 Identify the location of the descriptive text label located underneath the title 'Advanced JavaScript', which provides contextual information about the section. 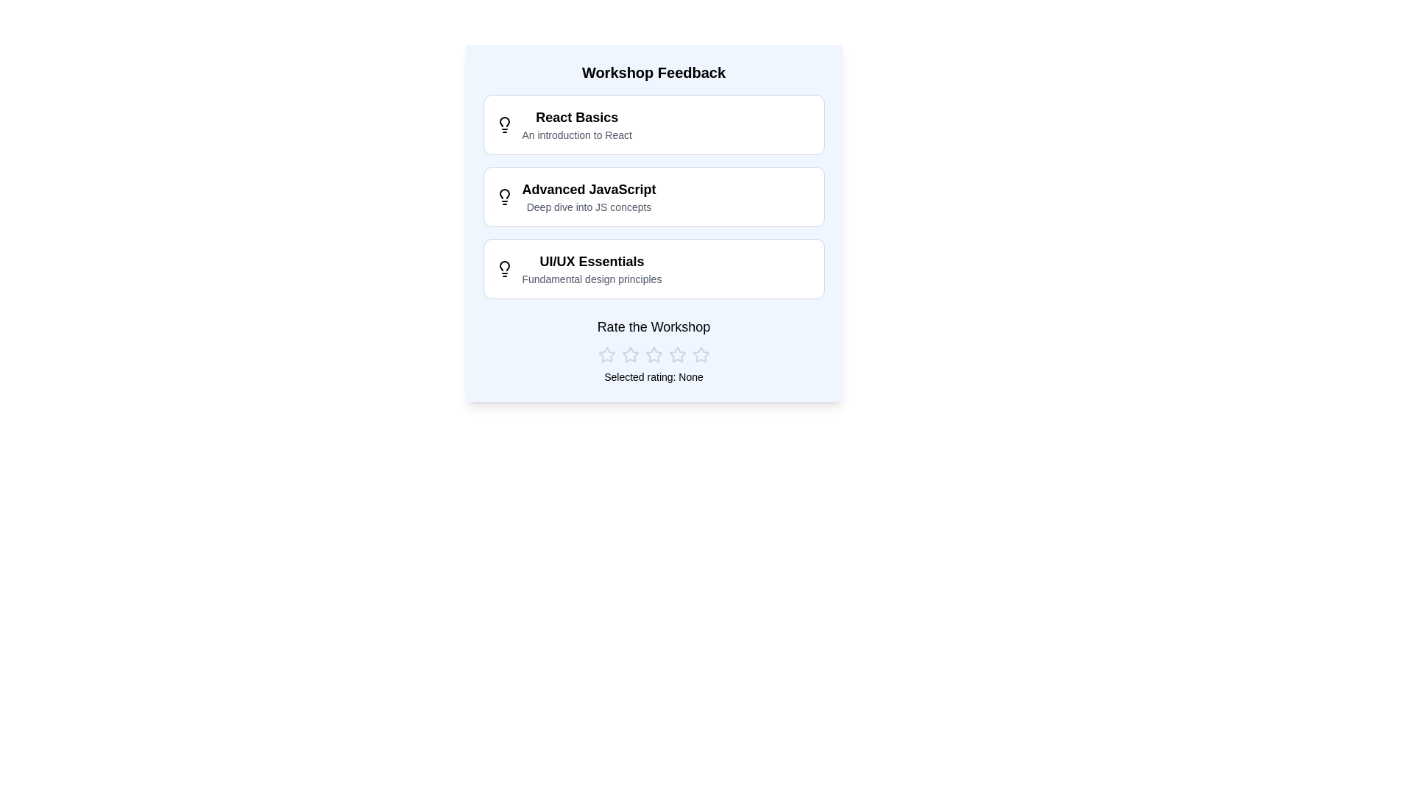
(589, 207).